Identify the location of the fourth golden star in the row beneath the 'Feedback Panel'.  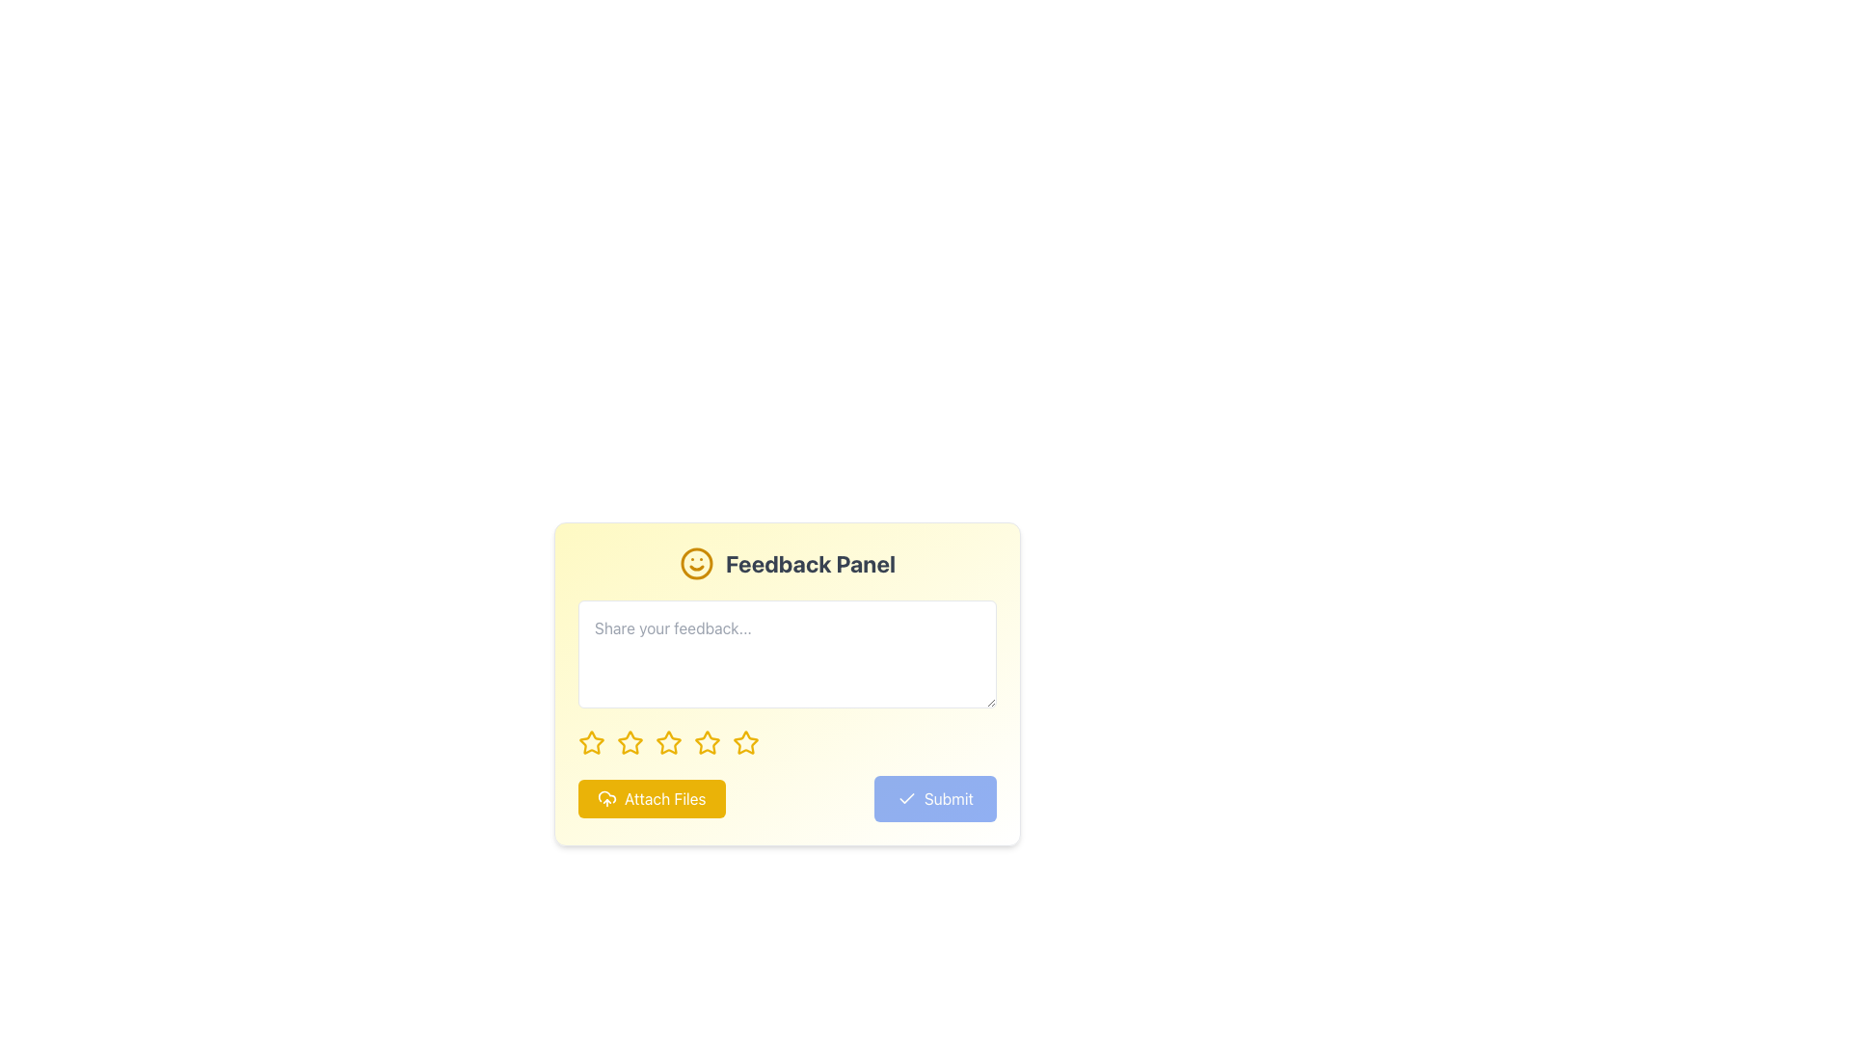
(707, 741).